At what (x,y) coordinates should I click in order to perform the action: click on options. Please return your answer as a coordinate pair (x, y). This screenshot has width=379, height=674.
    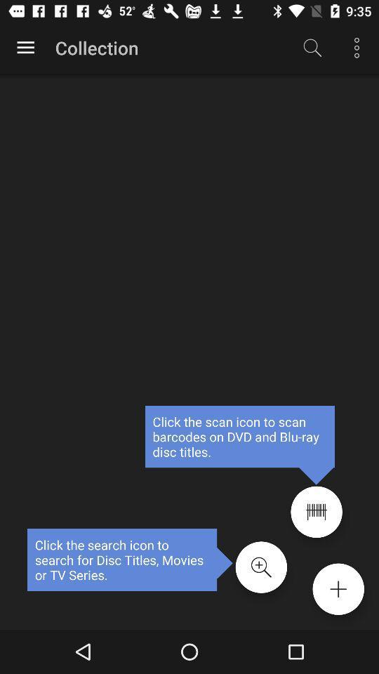
    Looking at the image, I should click on (338, 589).